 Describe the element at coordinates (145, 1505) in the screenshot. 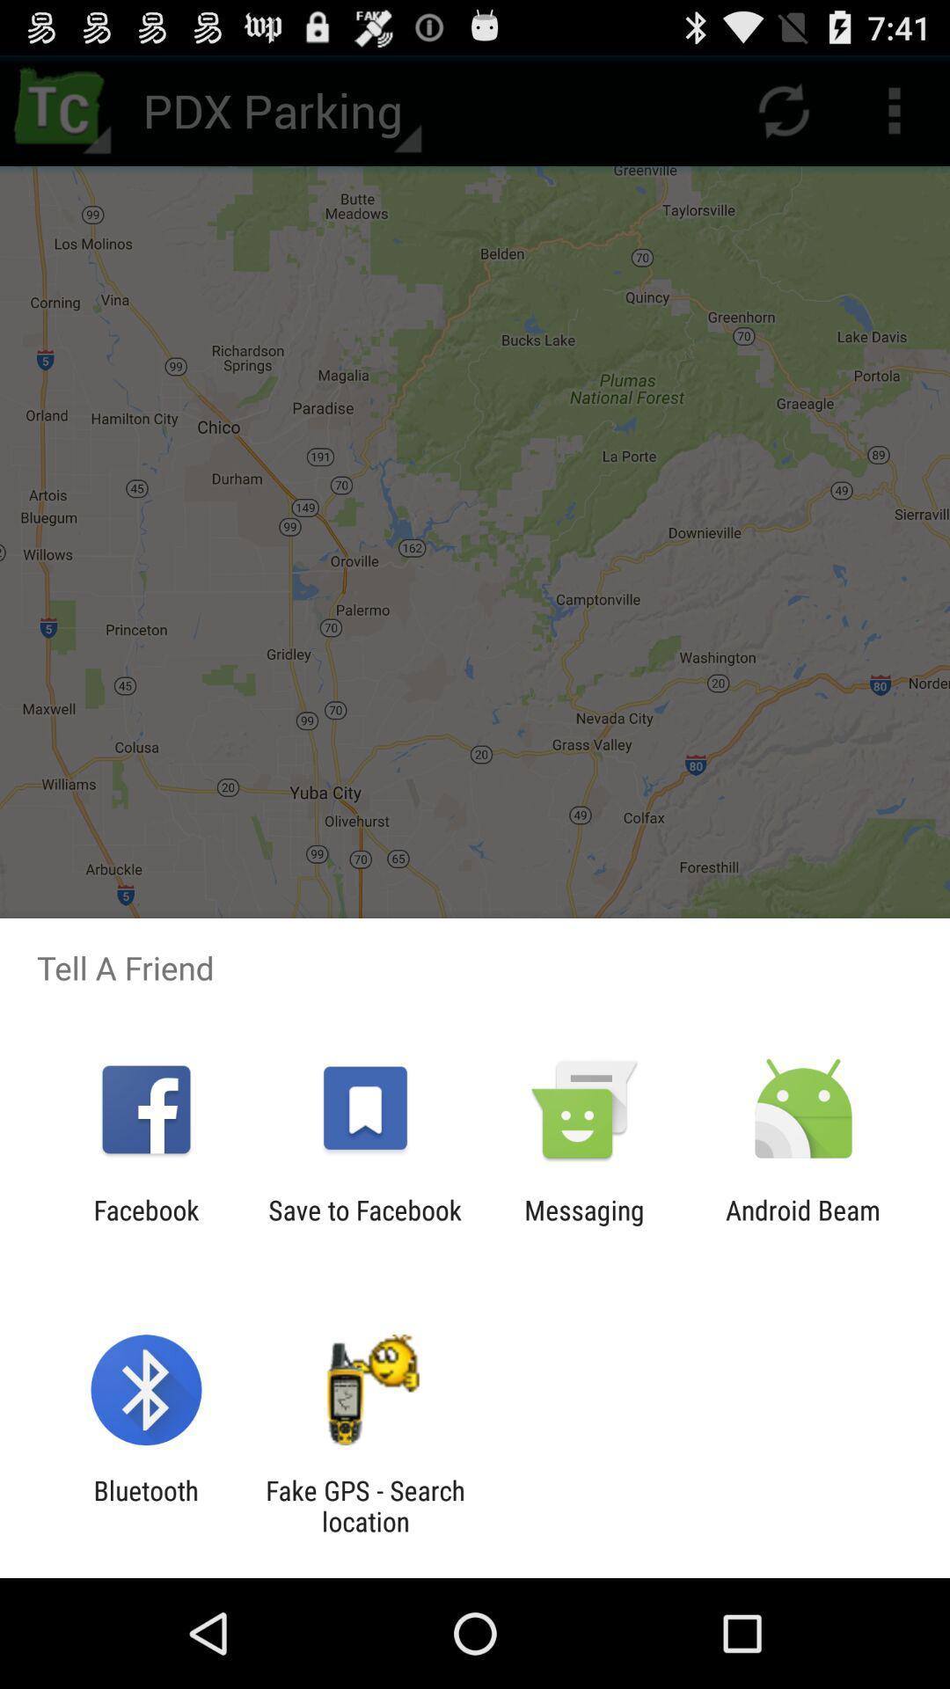

I see `the bluetooth app` at that location.